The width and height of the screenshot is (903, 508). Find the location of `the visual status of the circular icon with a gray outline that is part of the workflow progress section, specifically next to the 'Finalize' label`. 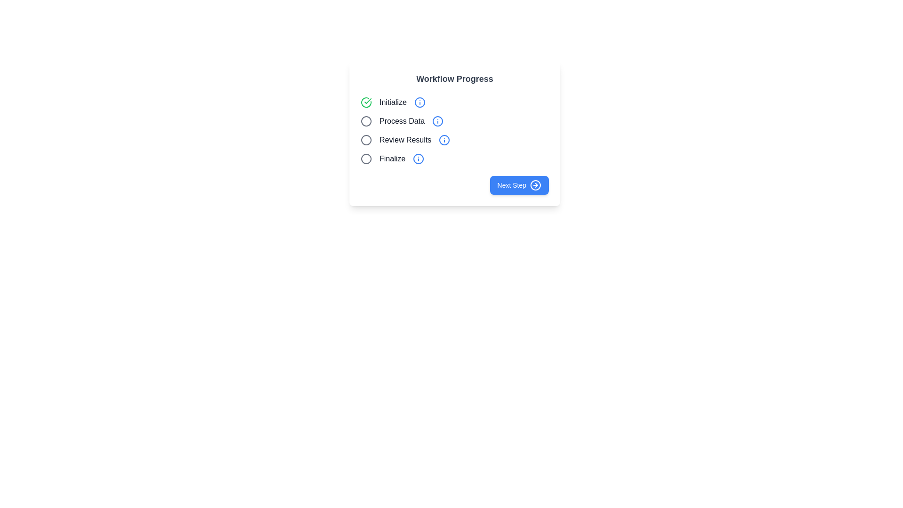

the visual status of the circular icon with a gray outline that is part of the workflow progress section, specifically next to the 'Finalize' label is located at coordinates (365, 159).